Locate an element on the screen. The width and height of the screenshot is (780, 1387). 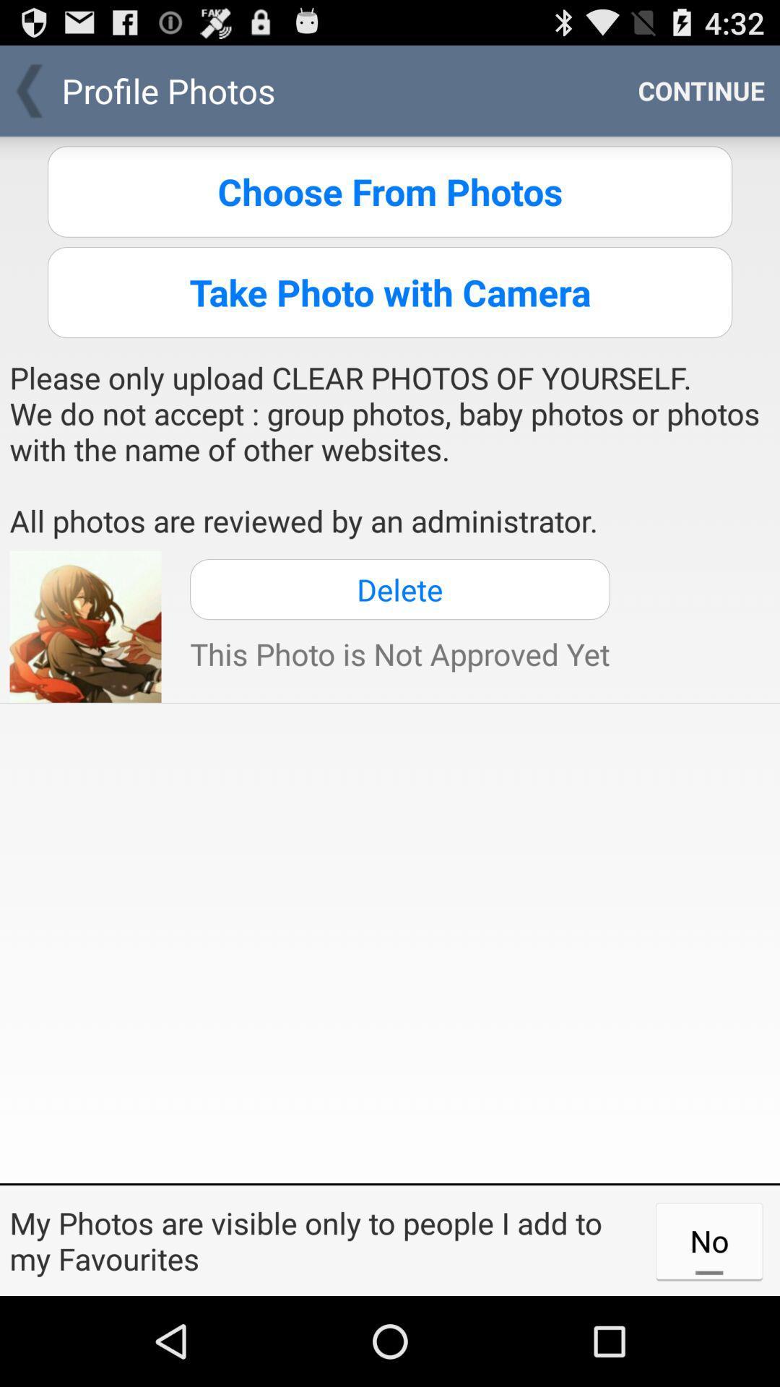
take photo with icon is located at coordinates (390, 291).